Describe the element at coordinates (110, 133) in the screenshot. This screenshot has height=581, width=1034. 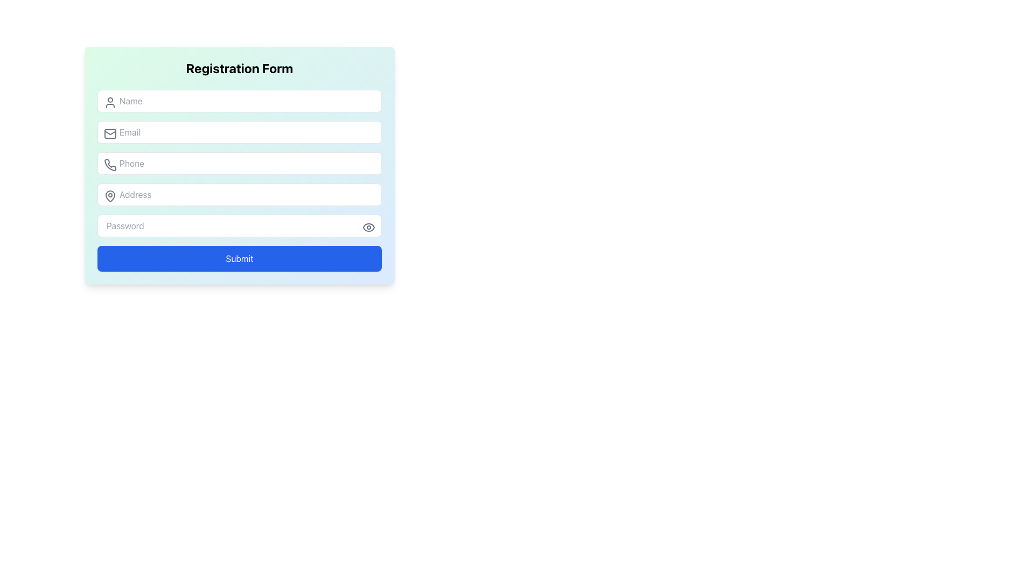
I see `the upper rectangular base of the envelope graphic that indicates the email input field` at that location.